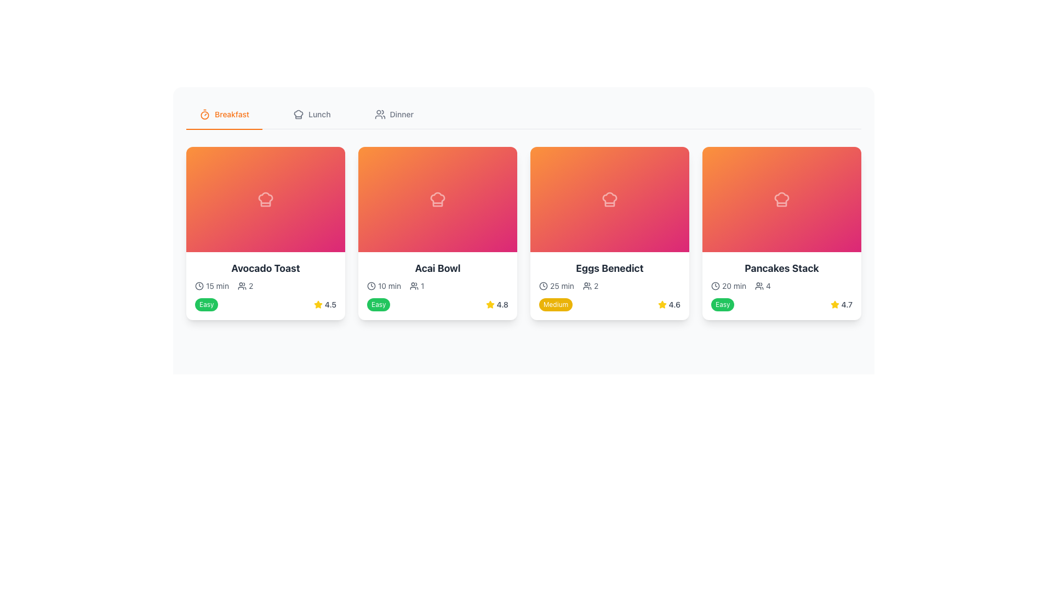 The height and width of the screenshot is (592, 1052). Describe the element at coordinates (586, 285) in the screenshot. I see `the user count icon located within the Eggs Benedict card, beneath the cooking time display and to the left of the text '2'` at that location.